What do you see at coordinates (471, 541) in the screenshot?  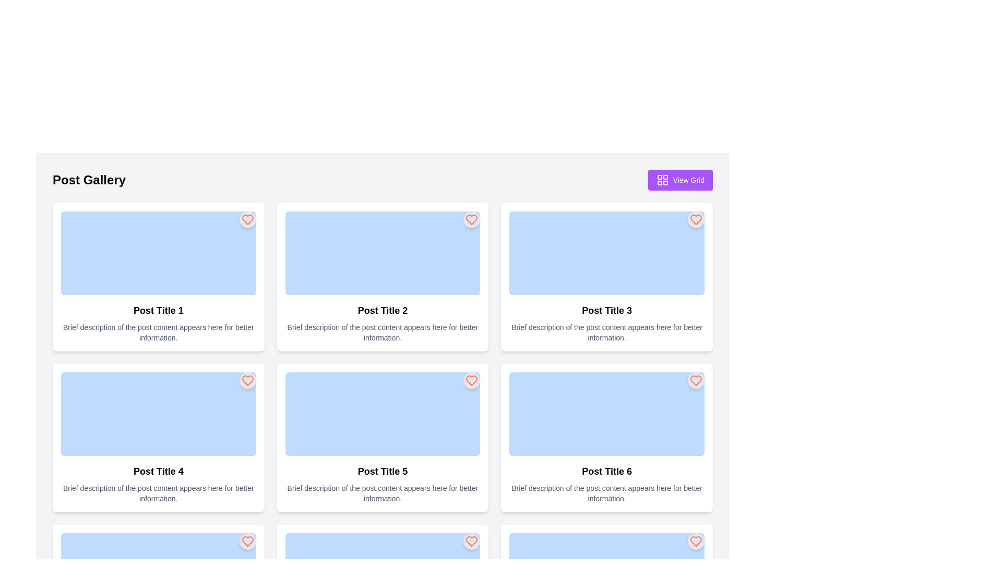 I see `the heart icon button outlined in red located at the top-right corner of the card labeled 'Post Title 5'` at bounding box center [471, 541].